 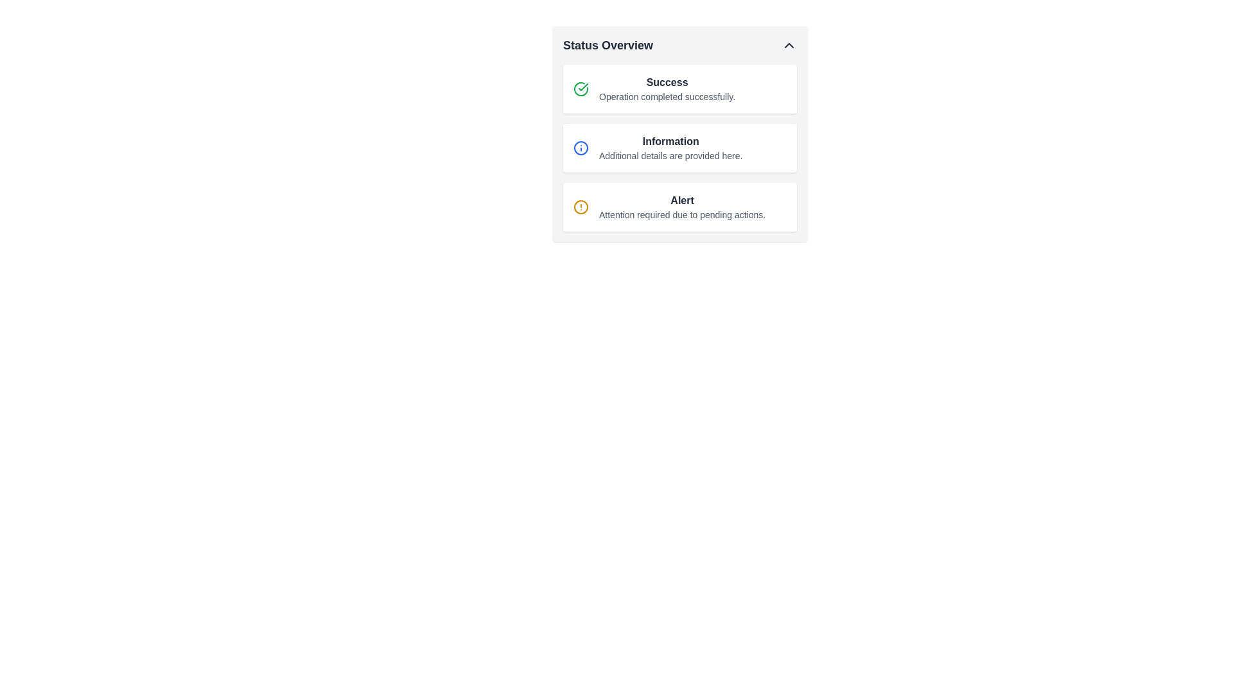 What do you see at coordinates (581, 148) in the screenshot?
I see `the informational icon located to the left of the 'Information' label text in the second row of the status overview card` at bounding box center [581, 148].